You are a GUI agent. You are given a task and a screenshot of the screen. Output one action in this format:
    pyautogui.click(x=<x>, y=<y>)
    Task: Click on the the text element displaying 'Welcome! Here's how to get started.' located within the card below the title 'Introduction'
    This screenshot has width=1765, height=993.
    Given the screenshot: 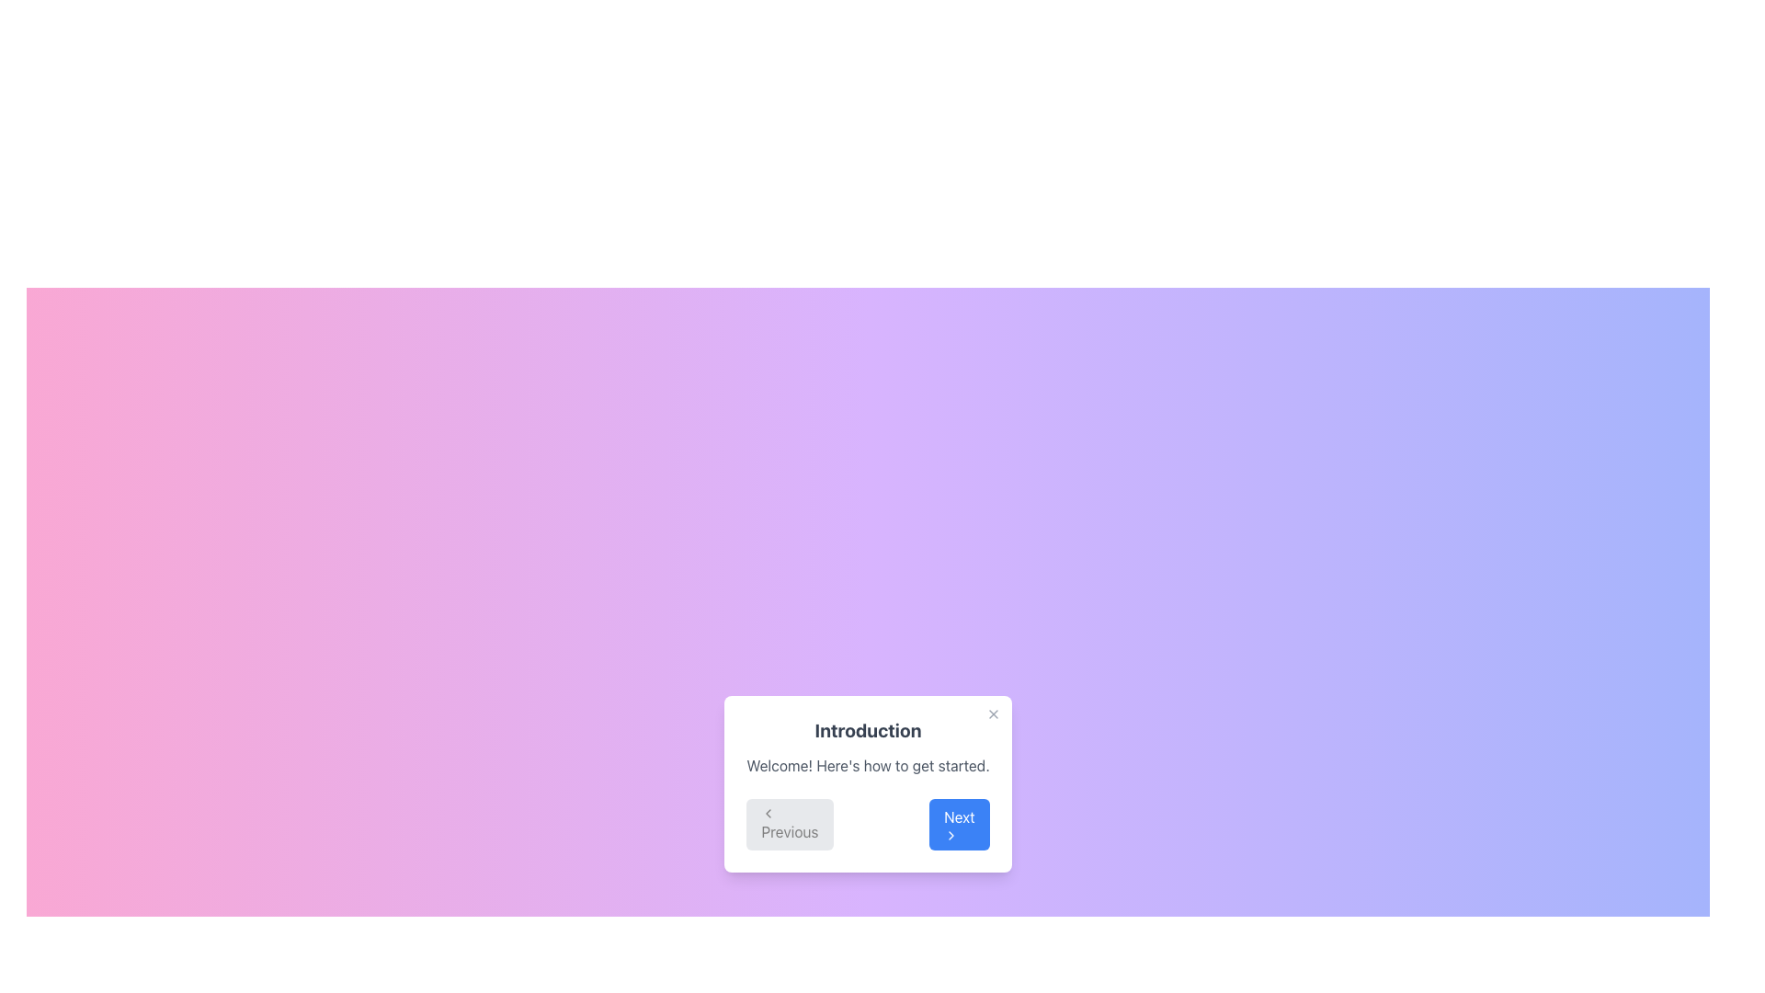 What is the action you would take?
    pyautogui.click(x=867, y=766)
    